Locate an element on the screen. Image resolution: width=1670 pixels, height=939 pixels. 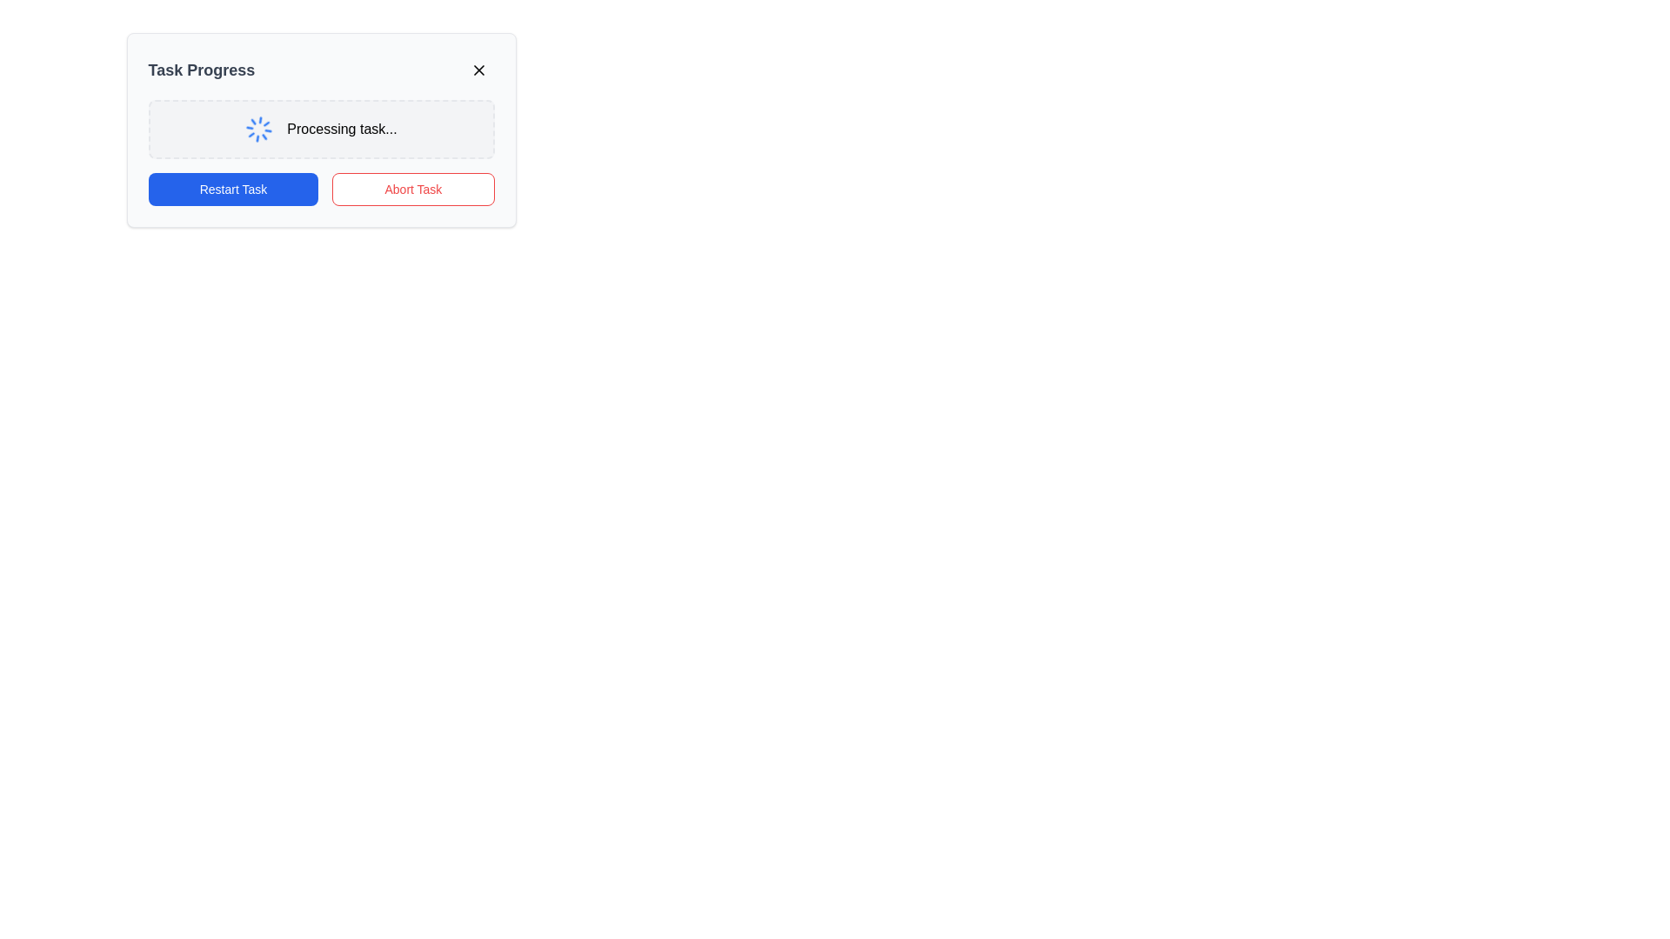
the Loader or Spinner Icon that indicates ongoing progress or activity, located to the left of the text 'Processing task...' within a bordered dashed box in the 'Task Progress' dialog window is located at coordinates (258, 129).